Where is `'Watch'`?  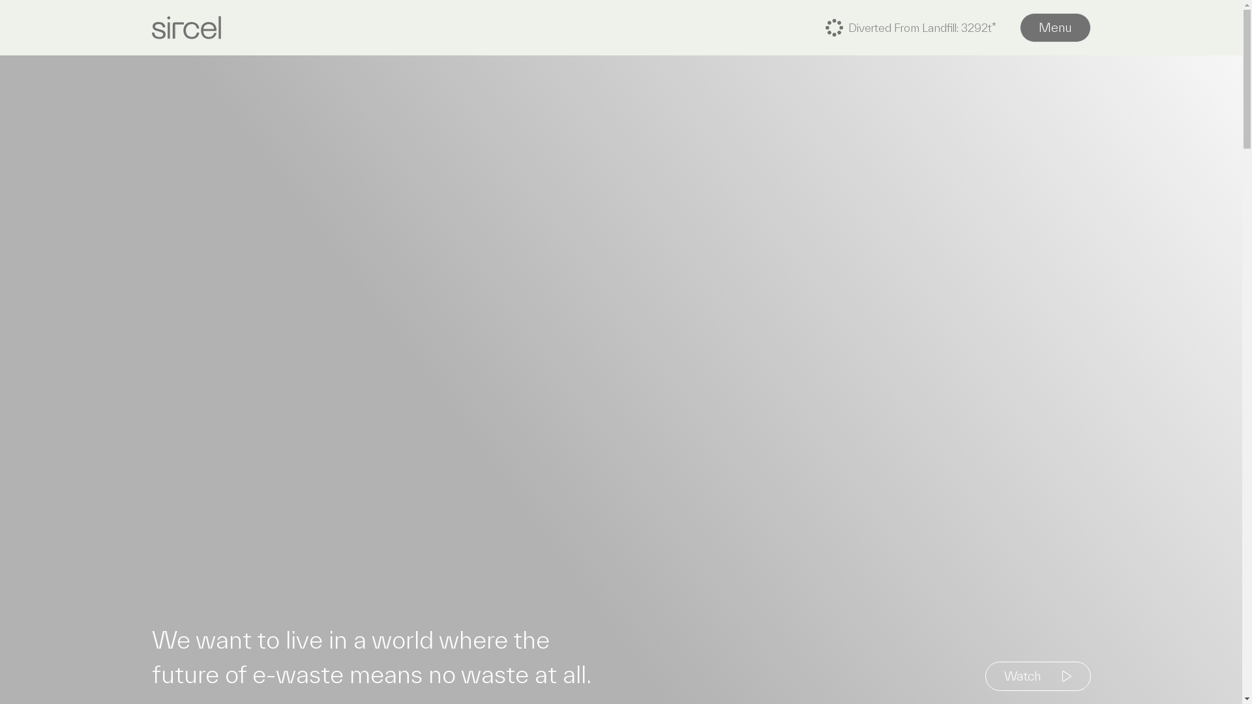
'Watch' is located at coordinates (985, 675).